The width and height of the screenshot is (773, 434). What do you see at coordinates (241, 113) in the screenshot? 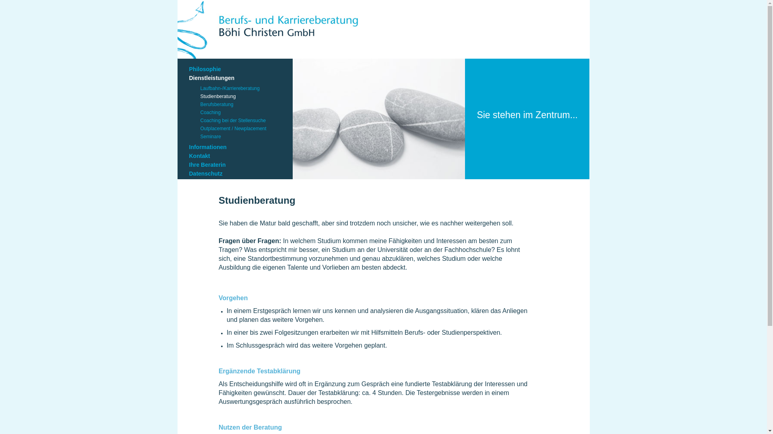
I see `'Coaching'` at bounding box center [241, 113].